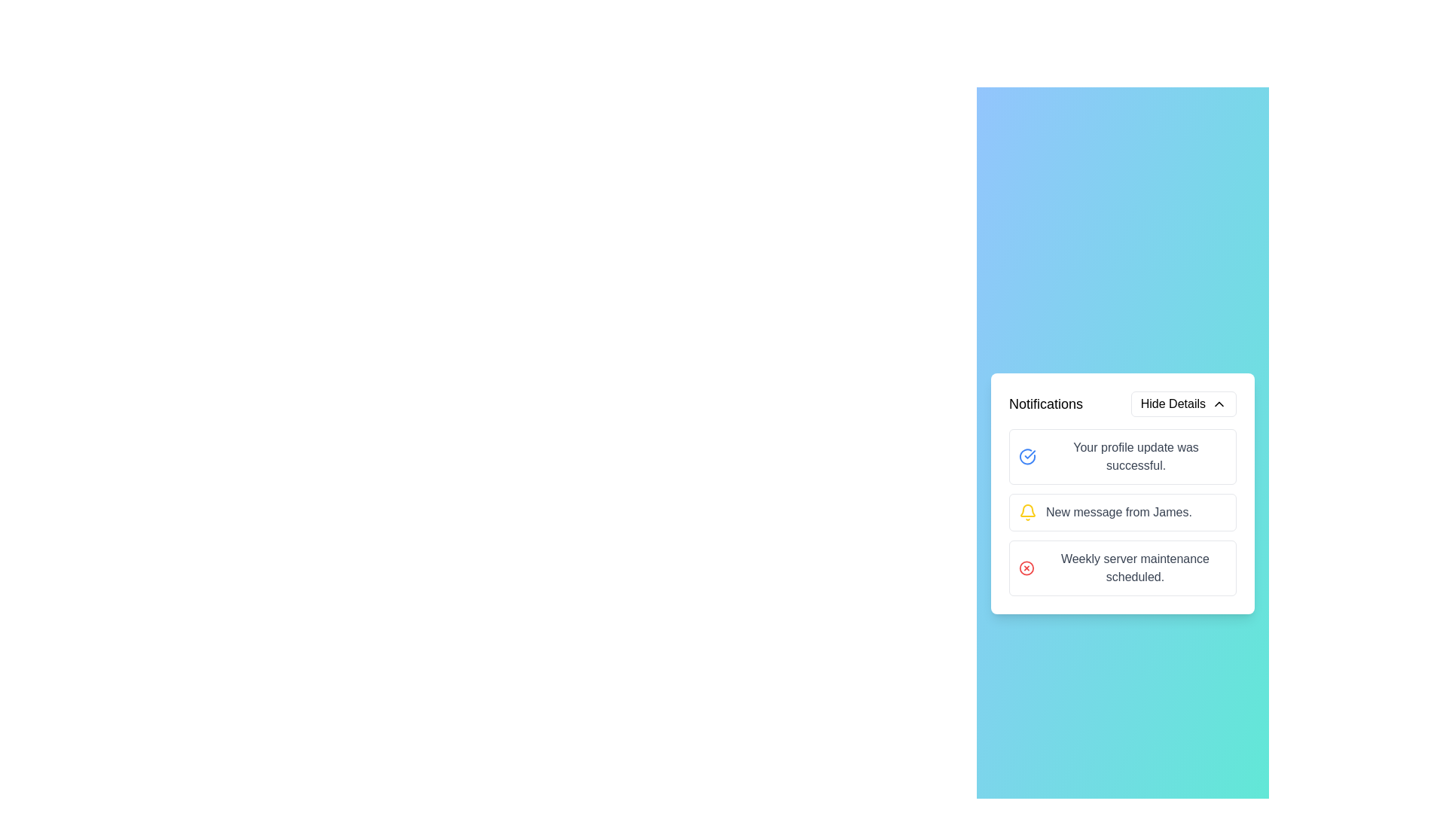 This screenshot has height=813, width=1446. Describe the element at coordinates (1123, 512) in the screenshot. I see `notification message from James, which is the second item in the notification list, located centrally within a white card` at that location.